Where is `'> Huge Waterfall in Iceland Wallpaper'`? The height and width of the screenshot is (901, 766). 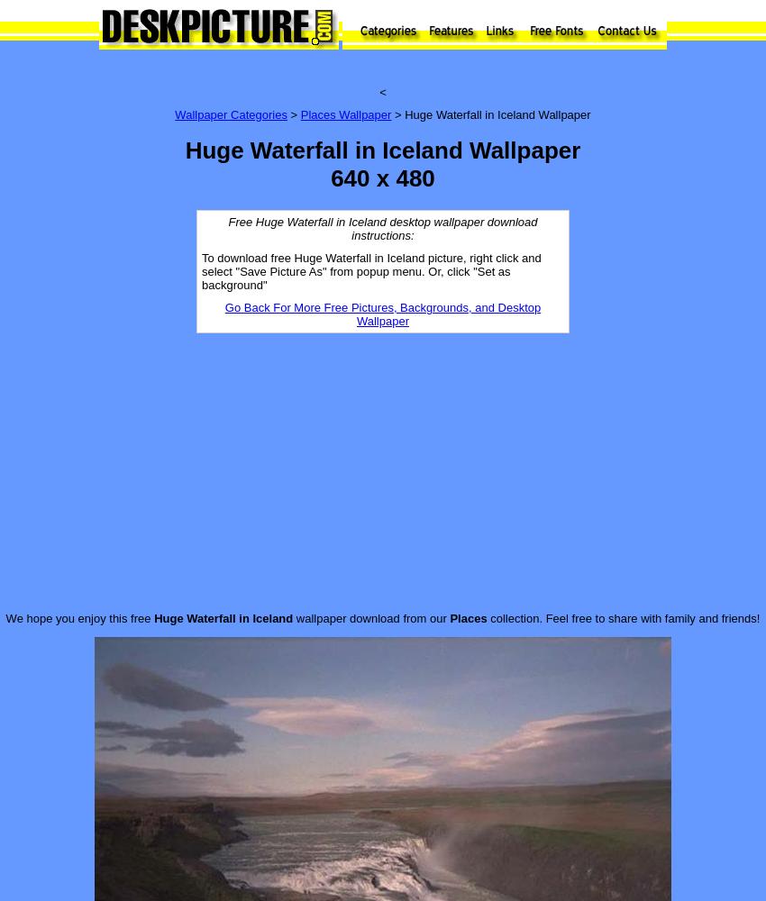 '> Huge Waterfall in Iceland Wallpaper' is located at coordinates (390, 114).